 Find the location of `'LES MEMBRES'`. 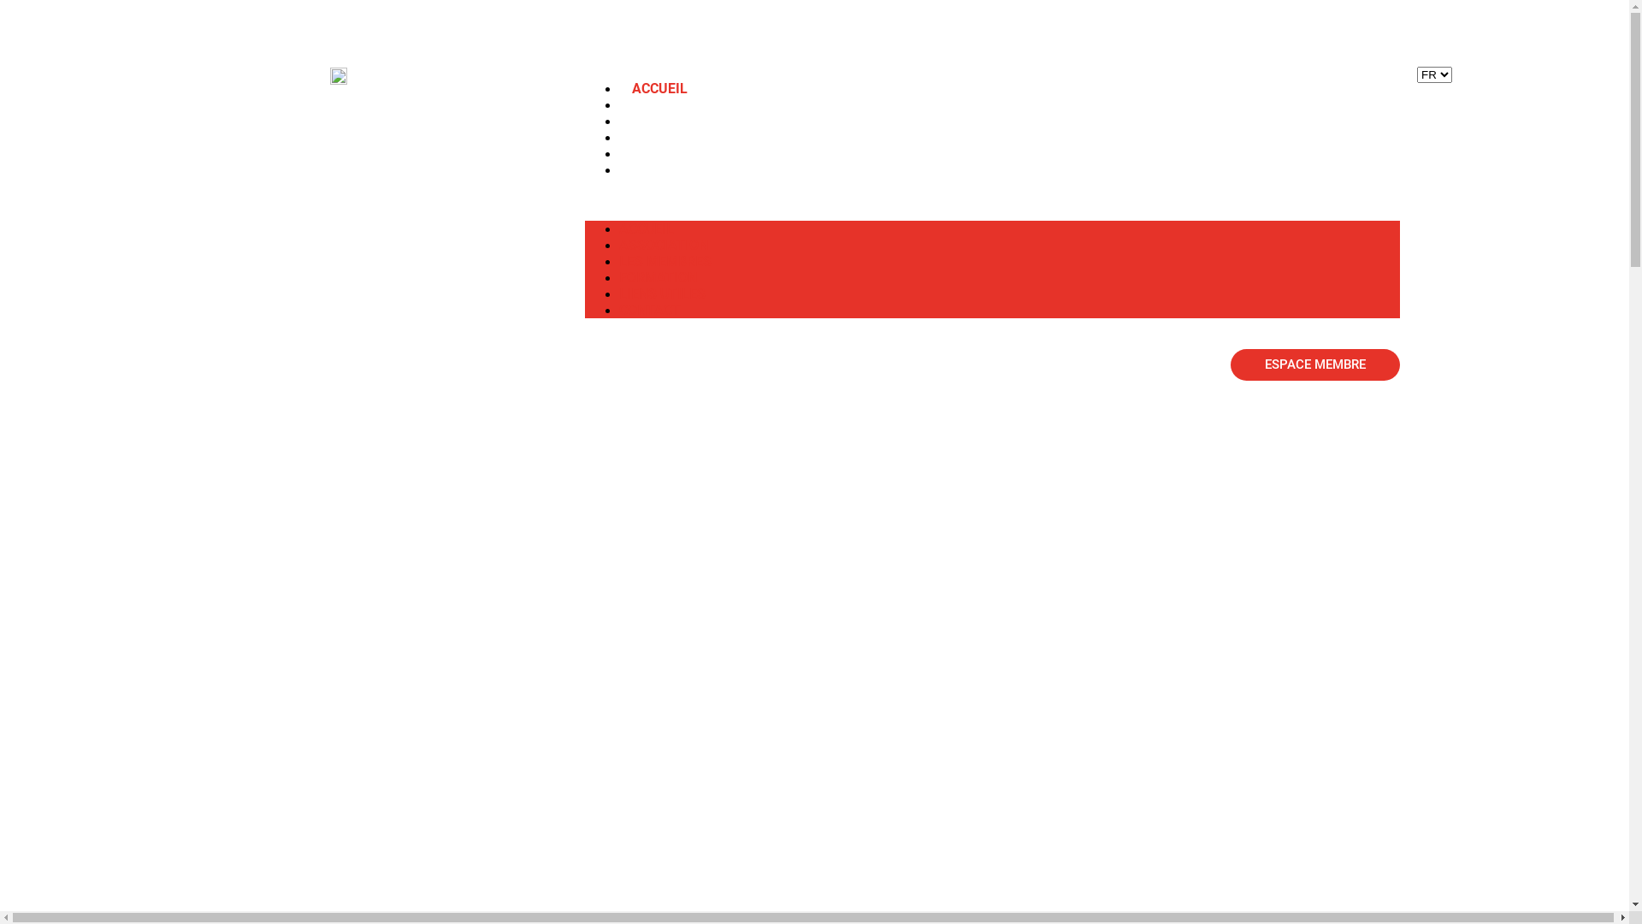

'LES MEMBRES' is located at coordinates (618, 120).